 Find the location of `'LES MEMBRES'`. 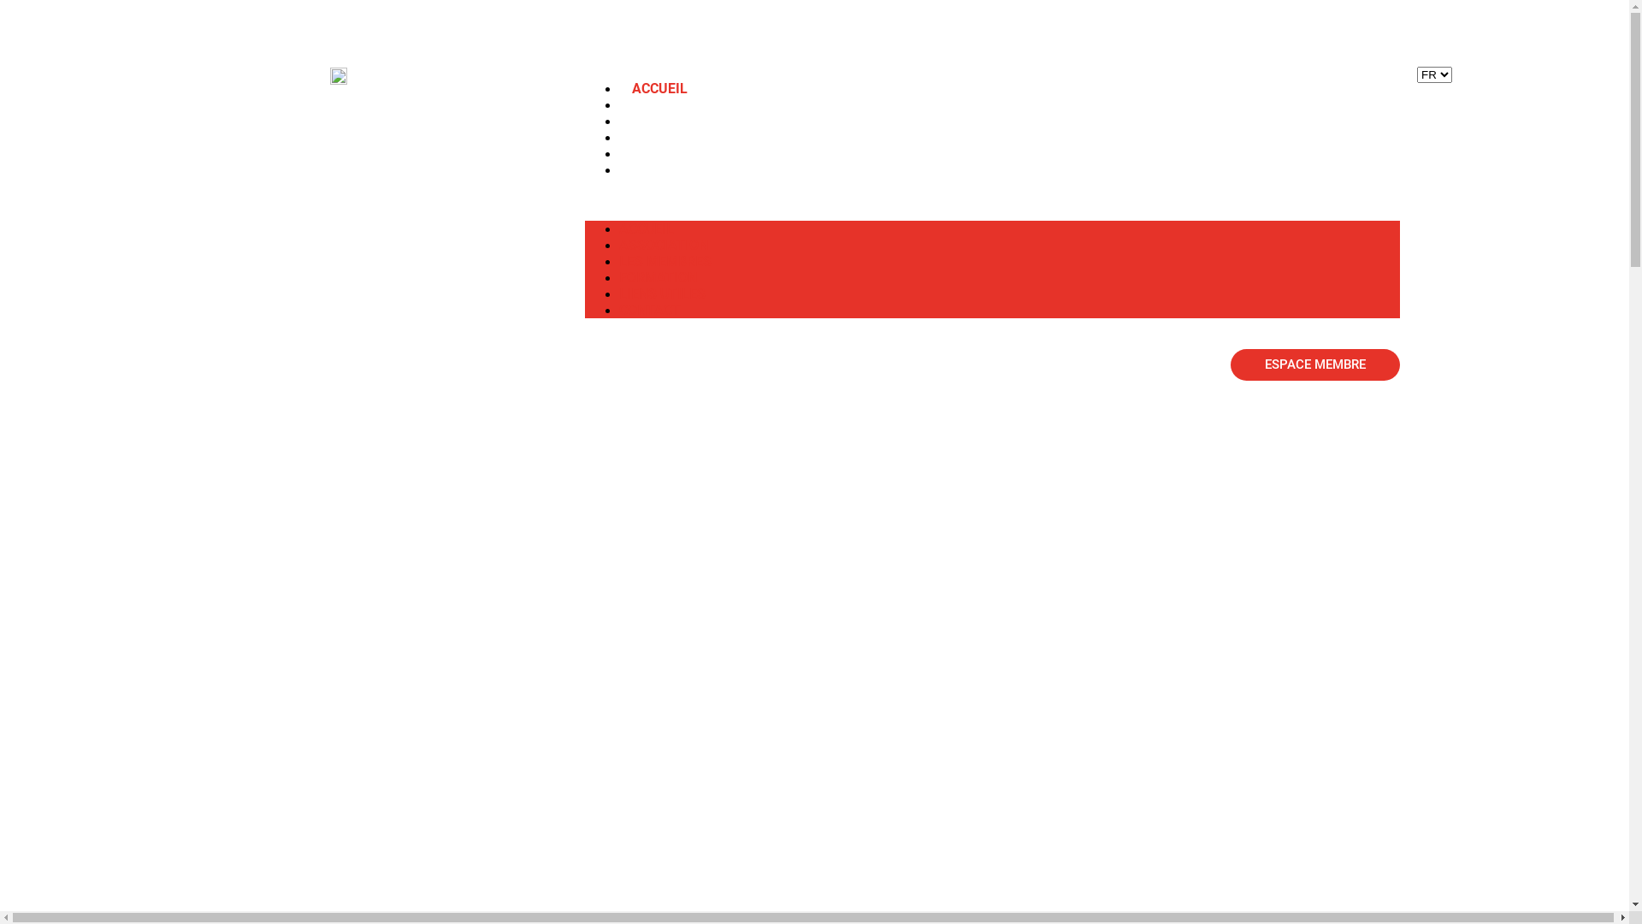

'LES MEMBRES' is located at coordinates (618, 120).